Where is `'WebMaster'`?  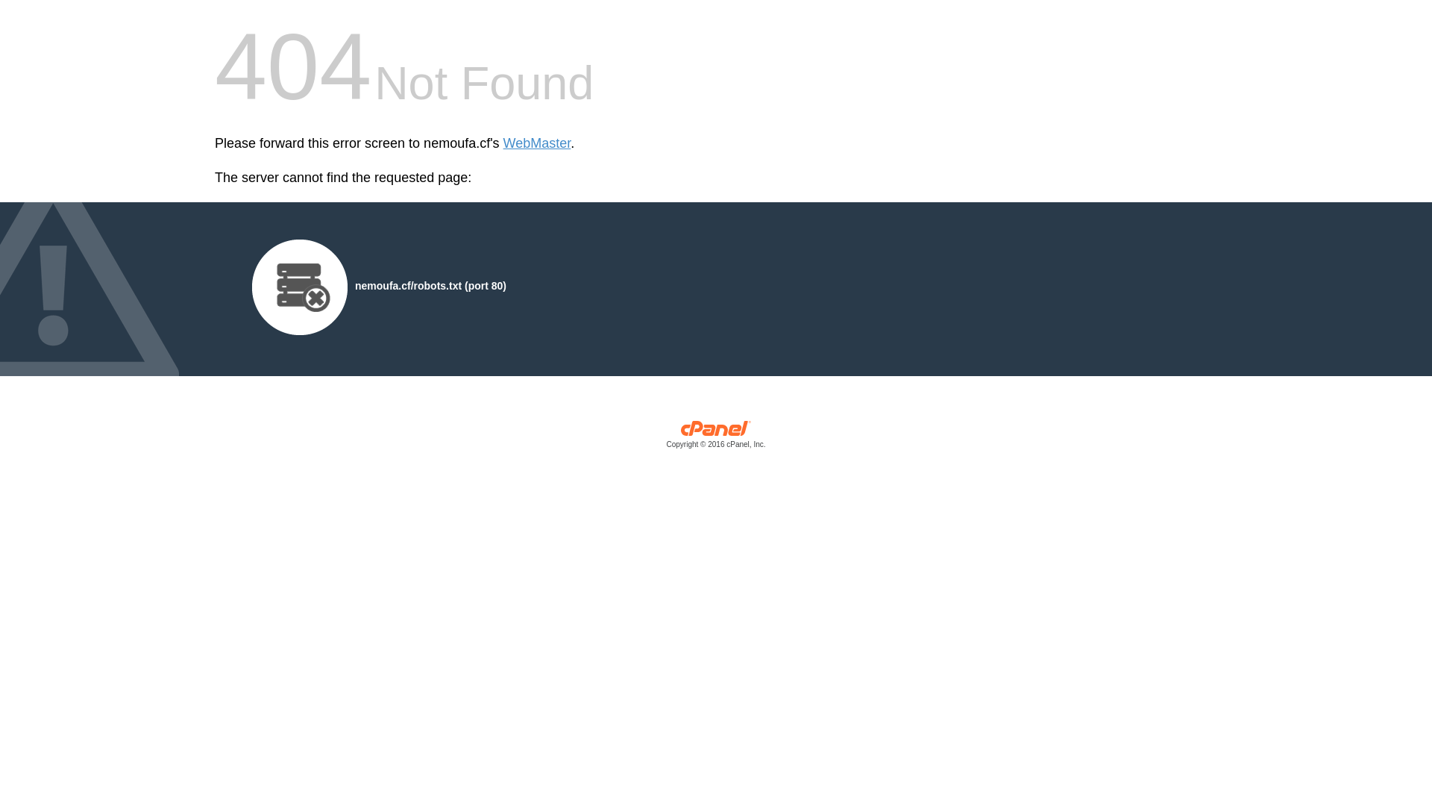
'WebMaster' is located at coordinates (537, 143).